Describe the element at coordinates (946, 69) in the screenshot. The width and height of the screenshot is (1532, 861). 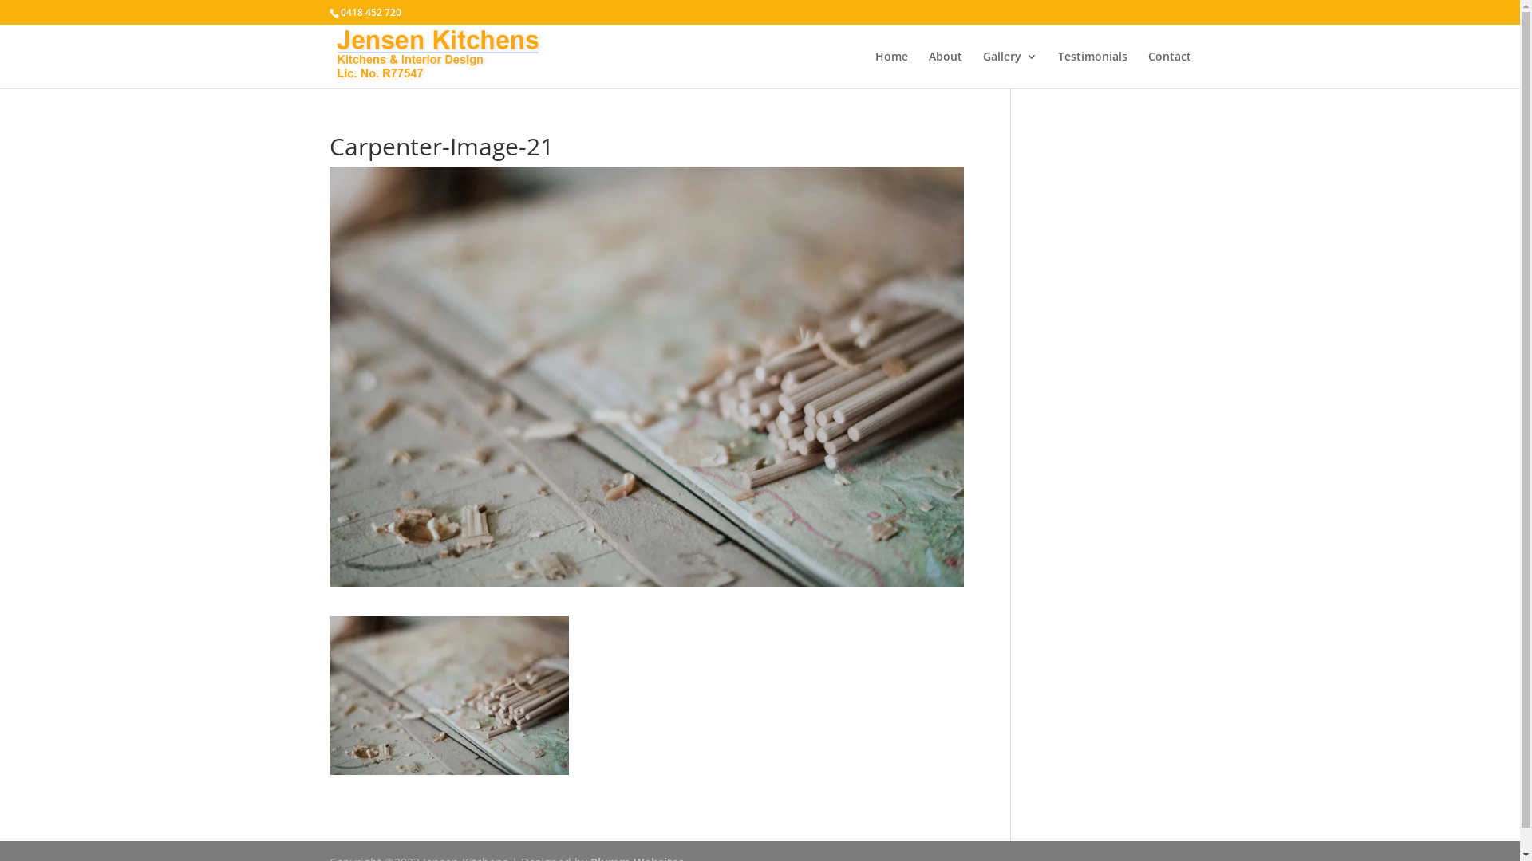
I see `'About'` at that location.